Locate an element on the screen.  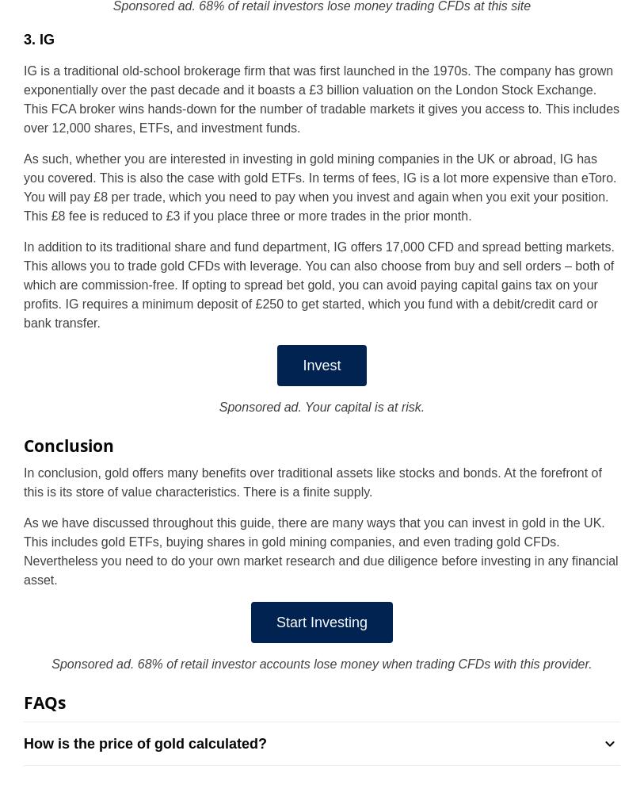
'As we have discussed throughout this guide, there are many ways that you can invest in gold in the UK. This includes gold ETFs, buying shares in gold mining companies, and even trading gold CFDs. Nevertheless you need to do your own market research and due diligence before investing in any financial asset.' is located at coordinates (320, 551).